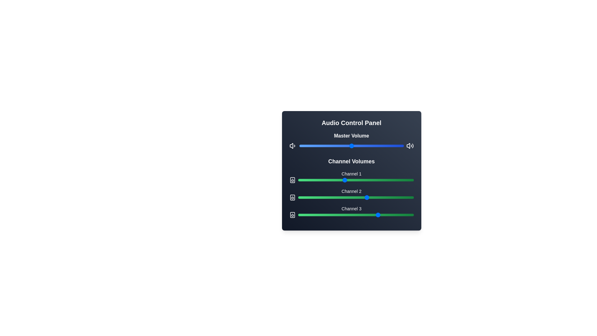  Describe the element at coordinates (357, 198) in the screenshot. I see `the slider value` at that location.